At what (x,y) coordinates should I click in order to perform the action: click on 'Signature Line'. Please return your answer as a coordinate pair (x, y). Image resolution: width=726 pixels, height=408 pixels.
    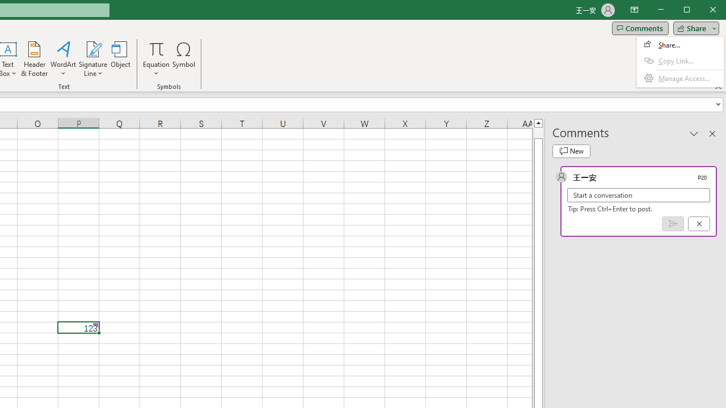
    Looking at the image, I should click on (93, 48).